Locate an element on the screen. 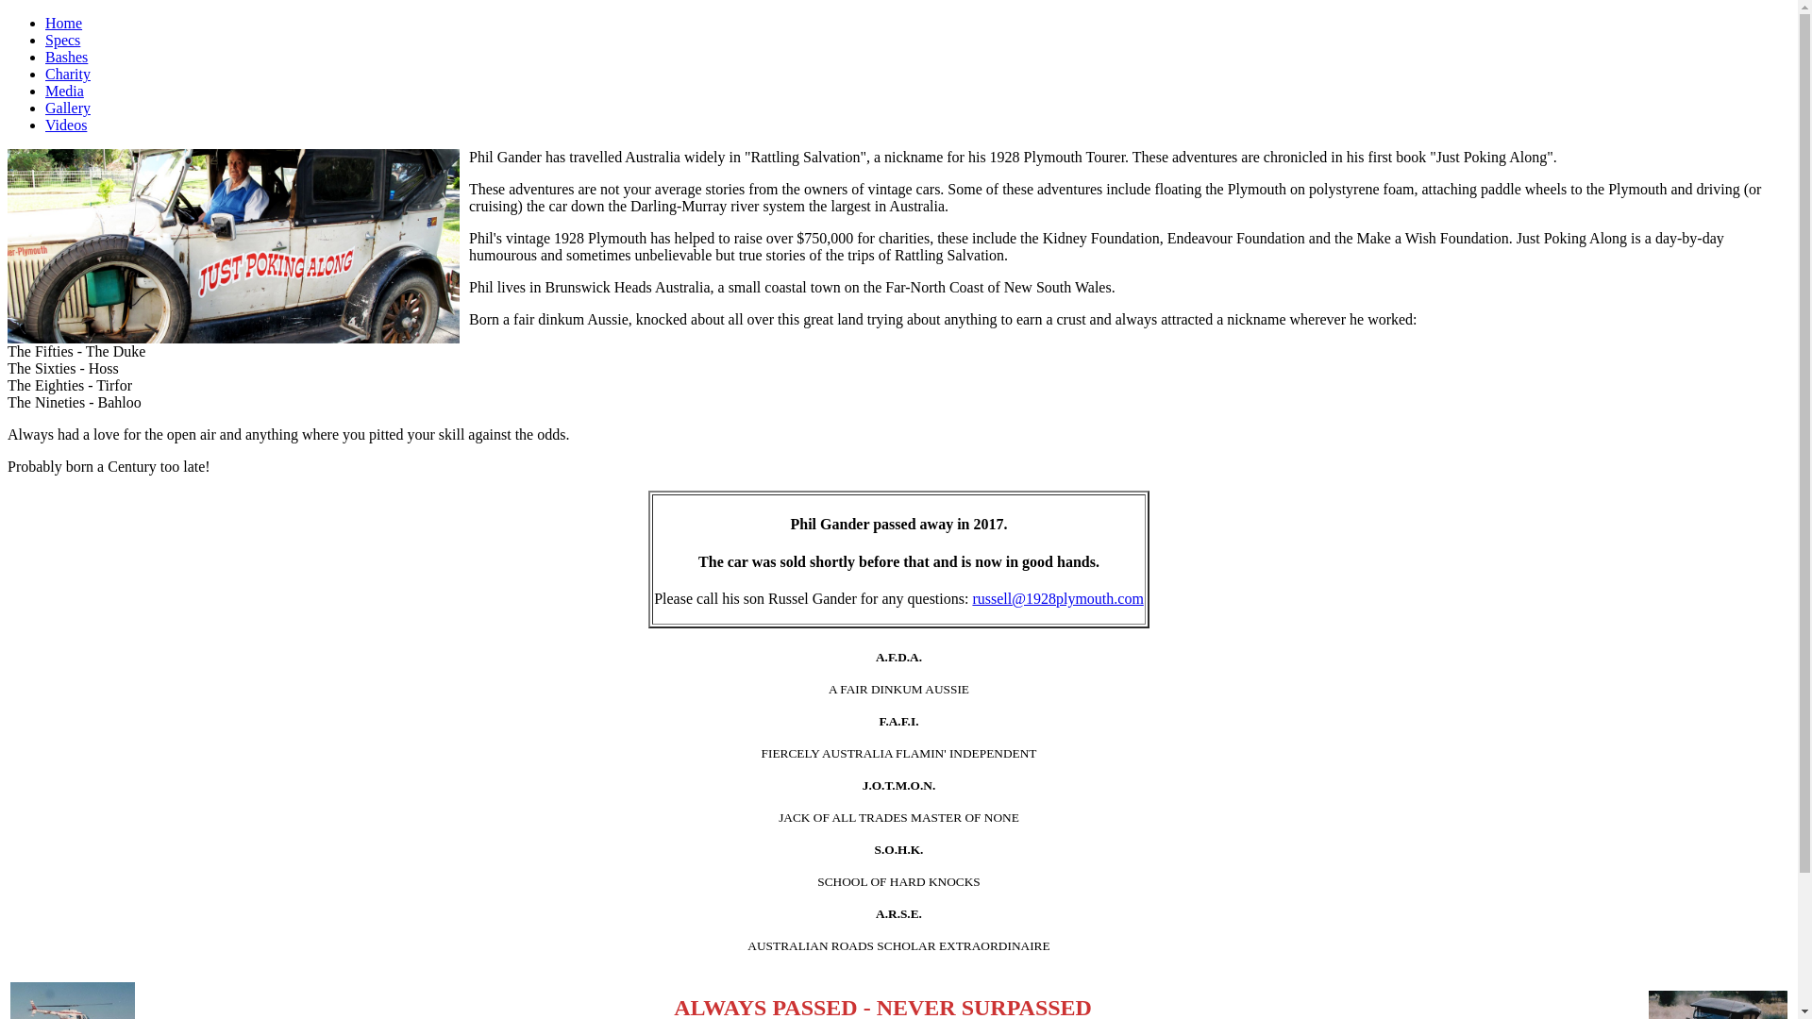  'Home' is located at coordinates (45, 23).